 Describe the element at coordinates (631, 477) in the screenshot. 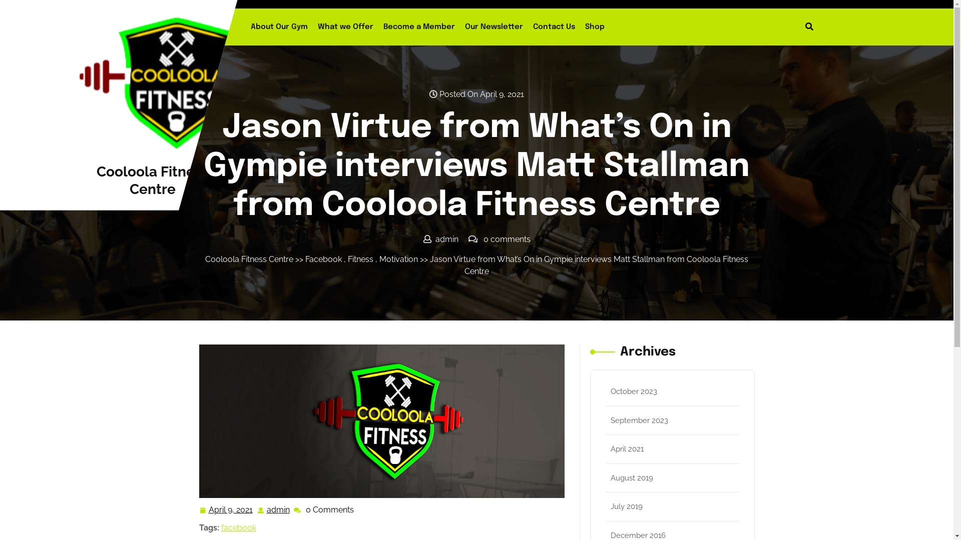

I see `'August 2019'` at that location.